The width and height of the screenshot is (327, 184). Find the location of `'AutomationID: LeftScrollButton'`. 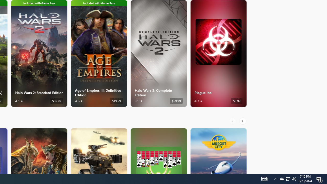

'AutomationID: LeftScrollButton' is located at coordinates (233, 121).